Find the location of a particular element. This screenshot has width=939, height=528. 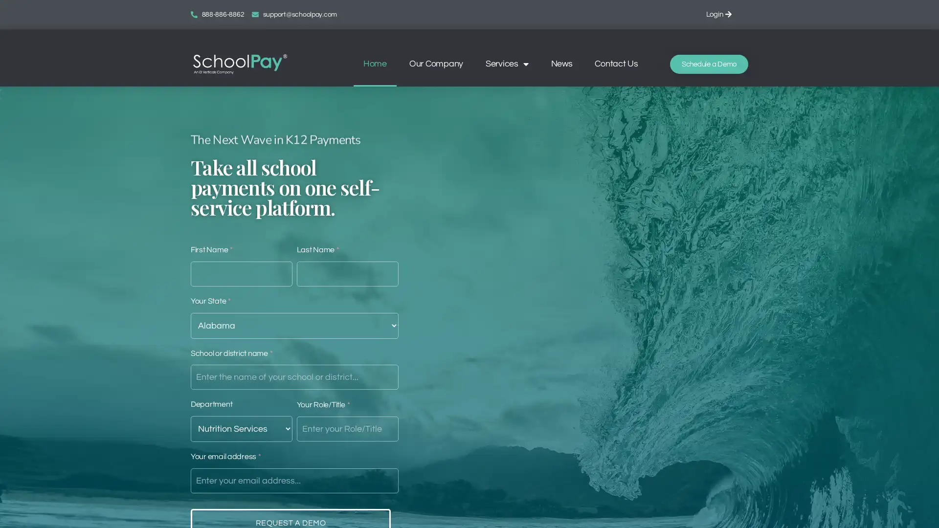

Login is located at coordinates (718, 15).